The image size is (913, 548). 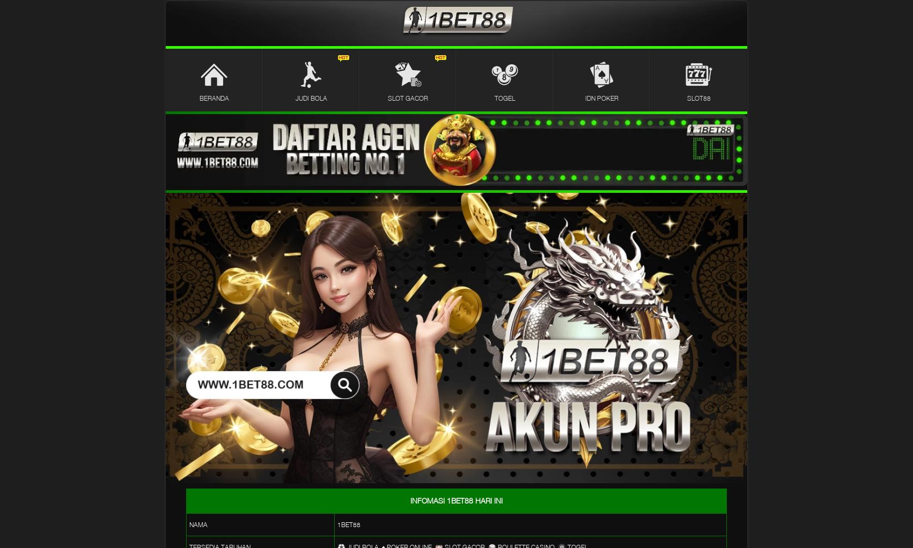 What do you see at coordinates (584, 97) in the screenshot?
I see `'IDN Poker'` at bounding box center [584, 97].